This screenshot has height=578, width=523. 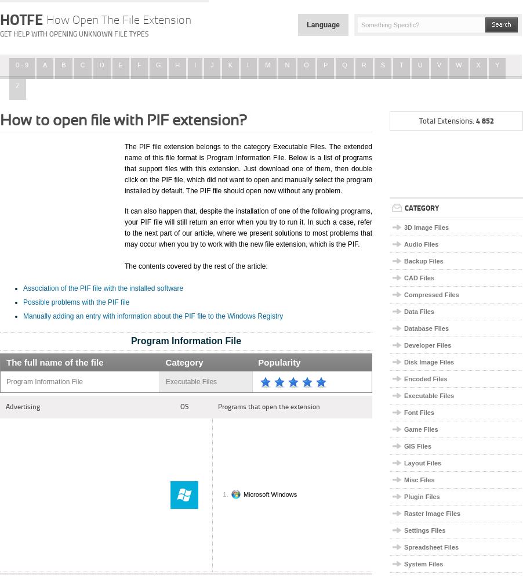 What do you see at coordinates (211, 64) in the screenshot?
I see `'J'` at bounding box center [211, 64].